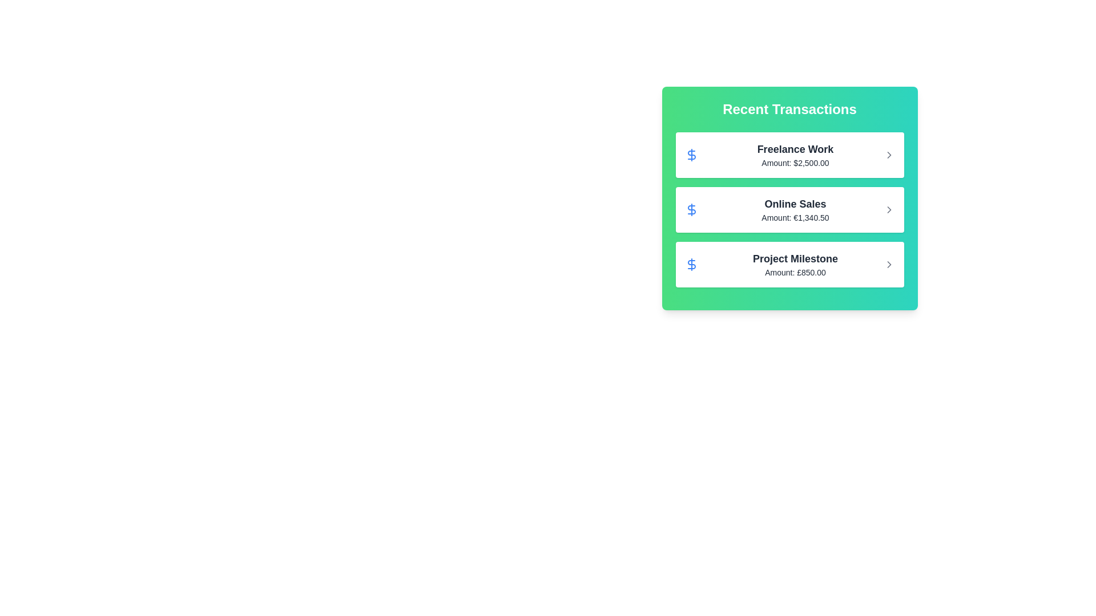 The width and height of the screenshot is (1096, 616). Describe the element at coordinates (888, 155) in the screenshot. I see `the chevron icon in the 'Freelance Work' section` at that location.